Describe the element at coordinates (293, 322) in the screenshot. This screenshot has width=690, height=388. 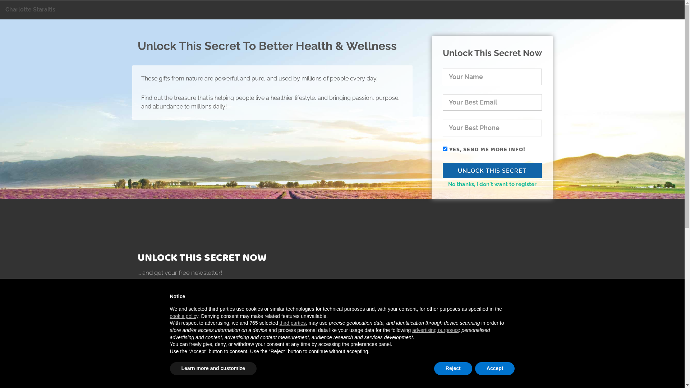
I see `'third parties'` at that location.